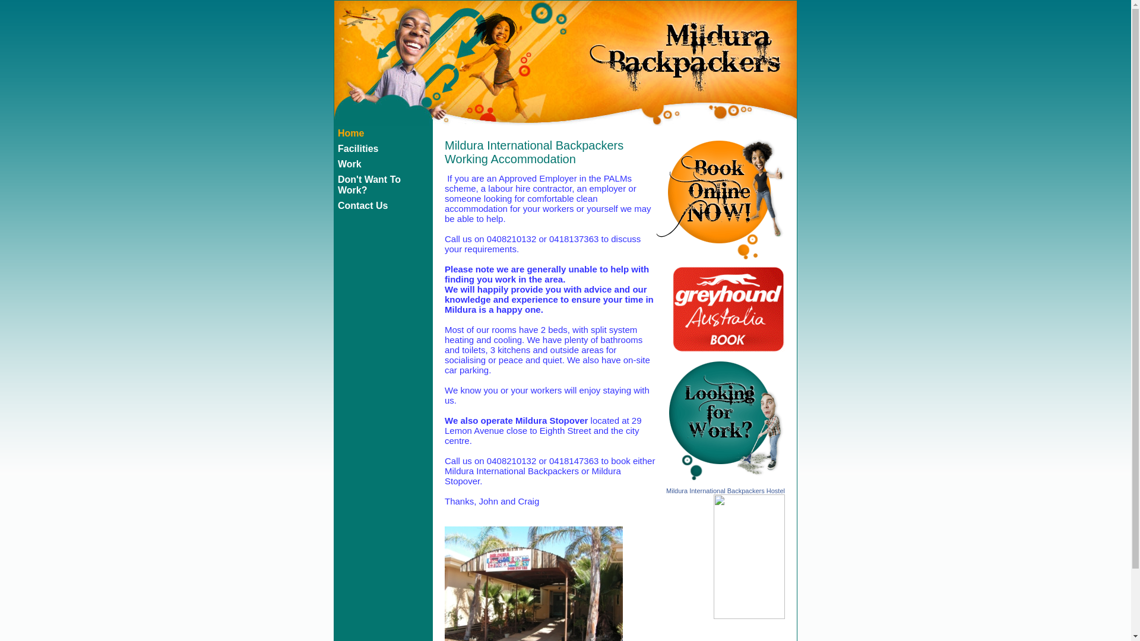  What do you see at coordinates (666, 490) in the screenshot?
I see `'Mildura International Backpackers Hostel'` at bounding box center [666, 490].